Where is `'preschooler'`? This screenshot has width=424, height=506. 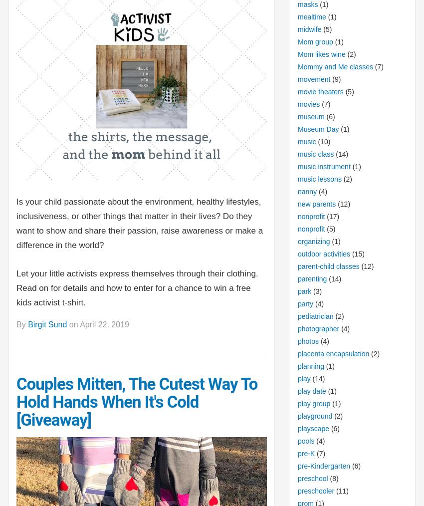
'preschooler' is located at coordinates (297, 490).